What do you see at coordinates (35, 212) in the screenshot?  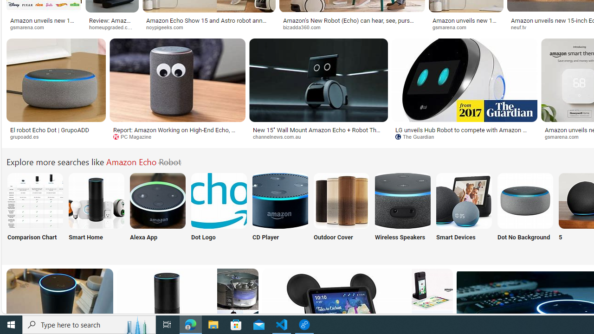 I see `'Amazon Echo Comparison Chart Comparison Chart'` at bounding box center [35, 212].